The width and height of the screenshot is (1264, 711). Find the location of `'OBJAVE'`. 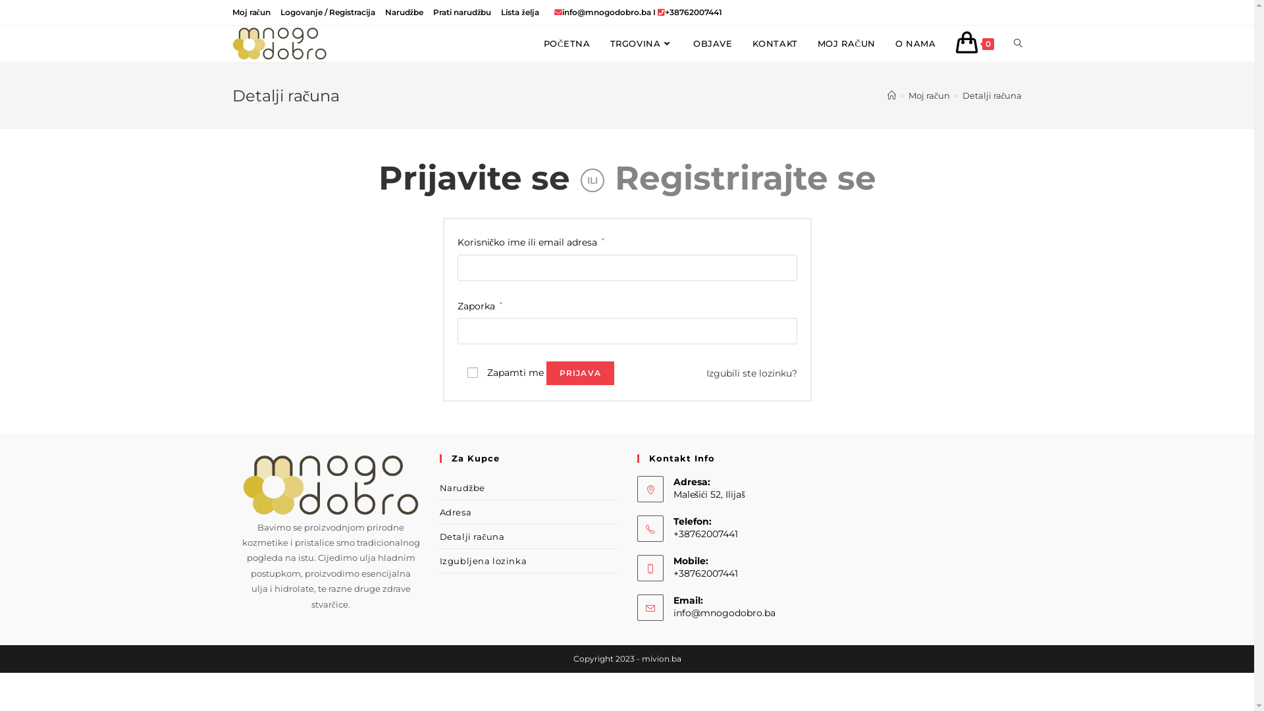

'OBJAVE' is located at coordinates (712, 43).